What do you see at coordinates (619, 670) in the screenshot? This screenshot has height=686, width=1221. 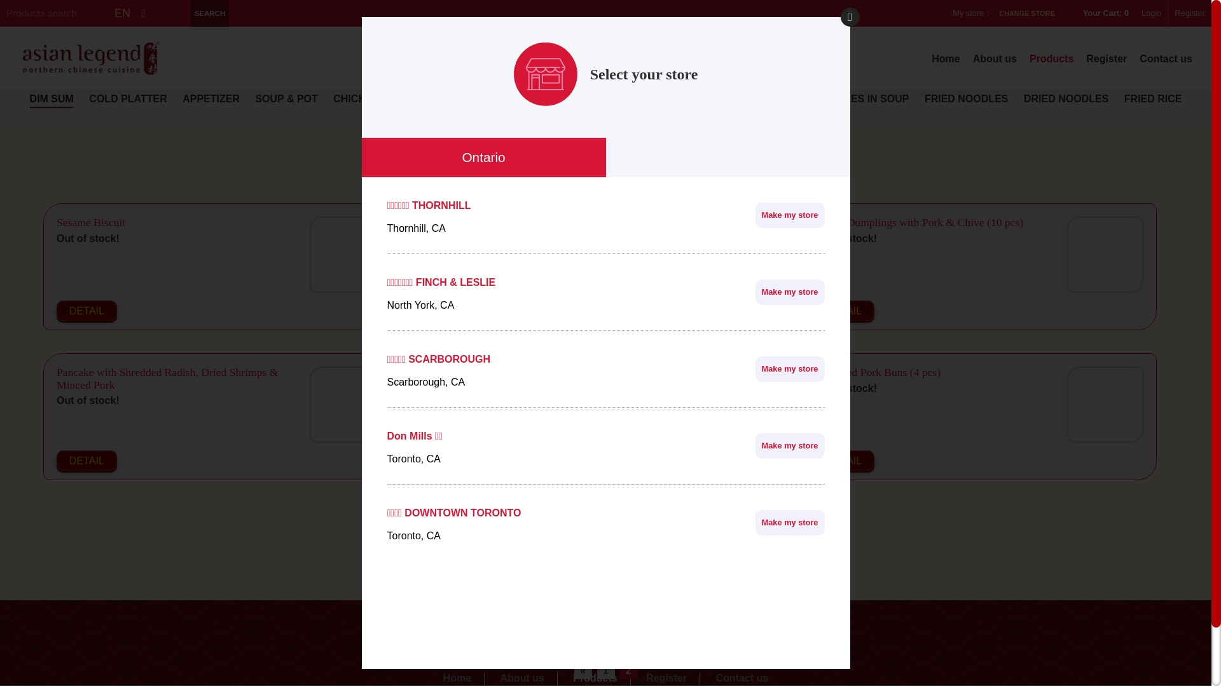 I see `'2'` at bounding box center [619, 670].